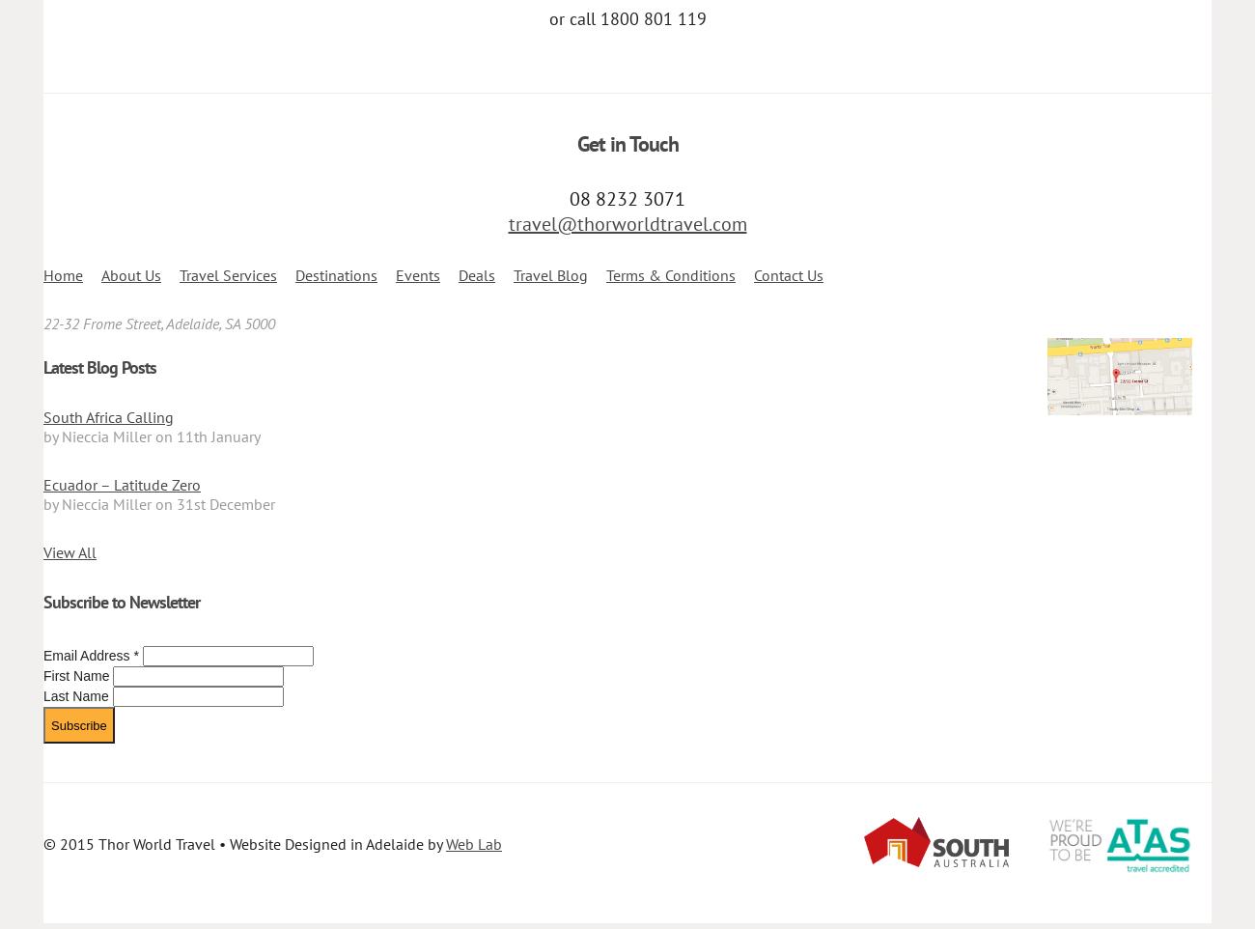  Describe the element at coordinates (458, 275) in the screenshot. I see `'Deals'` at that location.